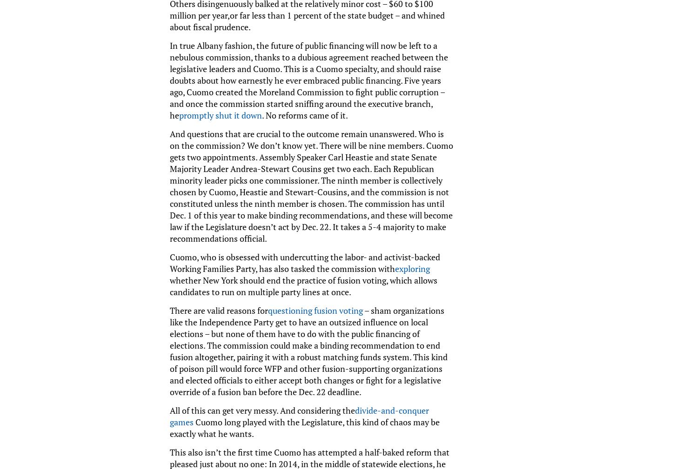 The image size is (684, 469). What do you see at coordinates (315, 310) in the screenshot?
I see `'questioning fusion voting'` at bounding box center [315, 310].